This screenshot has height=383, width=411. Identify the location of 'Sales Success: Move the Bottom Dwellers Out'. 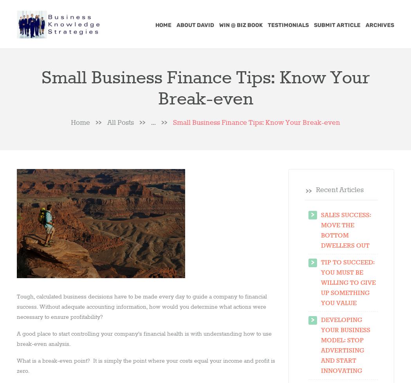
(345, 230).